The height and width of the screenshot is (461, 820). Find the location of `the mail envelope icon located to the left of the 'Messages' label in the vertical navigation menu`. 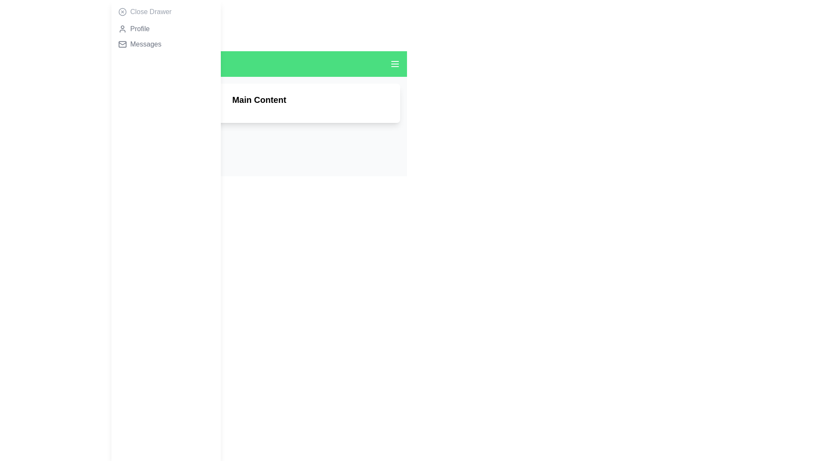

the mail envelope icon located to the left of the 'Messages' label in the vertical navigation menu is located at coordinates (122, 44).